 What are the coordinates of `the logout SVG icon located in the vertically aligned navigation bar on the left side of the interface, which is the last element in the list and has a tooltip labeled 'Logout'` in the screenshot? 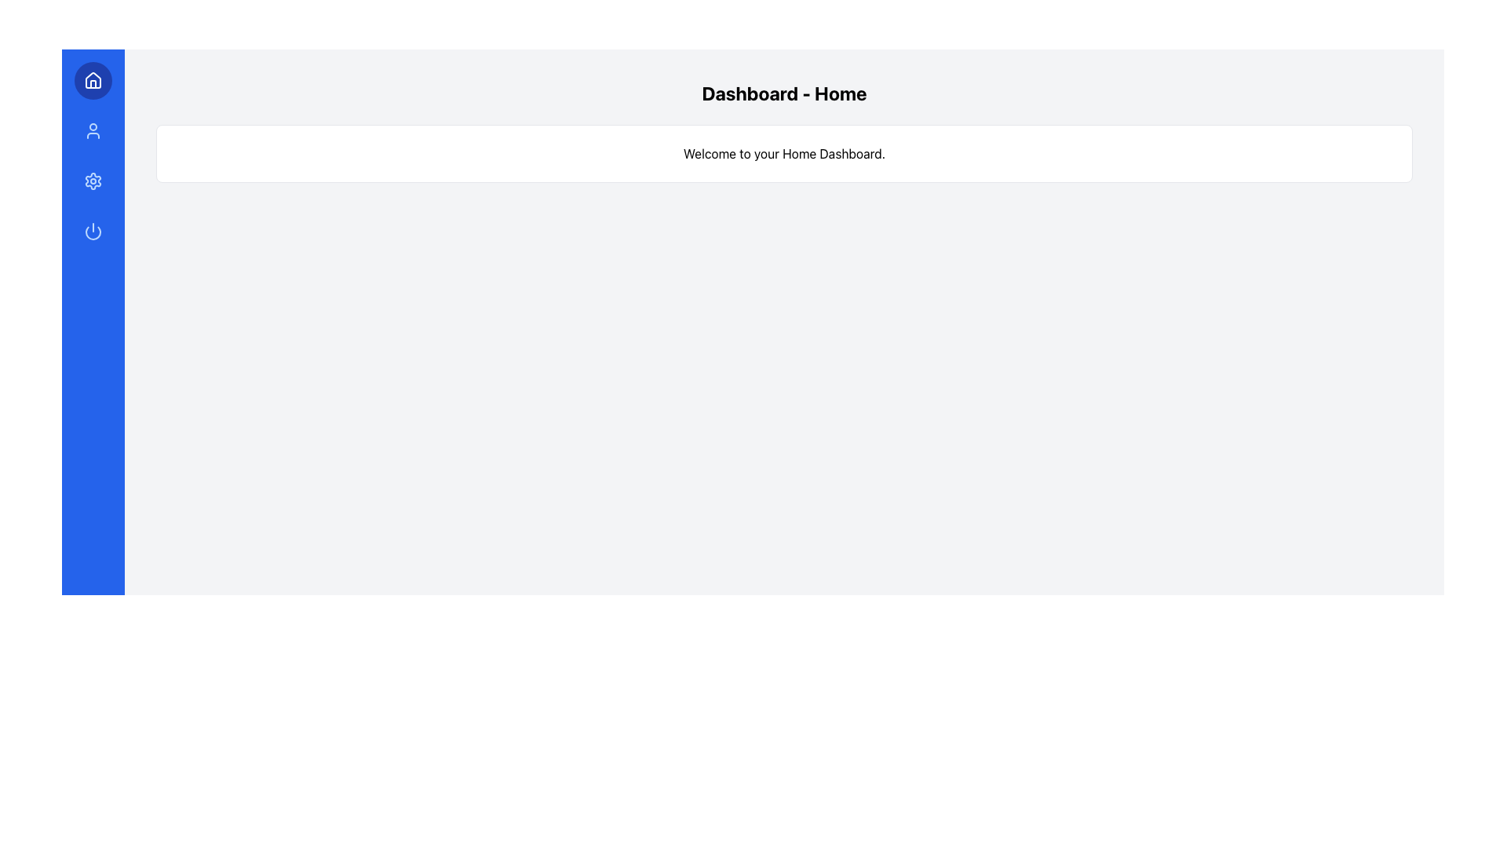 It's located at (93, 231).